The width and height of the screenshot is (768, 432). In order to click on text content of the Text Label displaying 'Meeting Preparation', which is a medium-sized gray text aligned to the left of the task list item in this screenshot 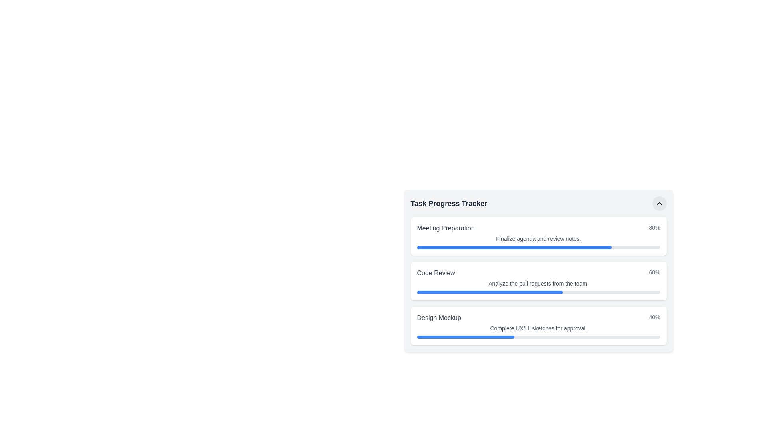, I will do `click(445, 228)`.